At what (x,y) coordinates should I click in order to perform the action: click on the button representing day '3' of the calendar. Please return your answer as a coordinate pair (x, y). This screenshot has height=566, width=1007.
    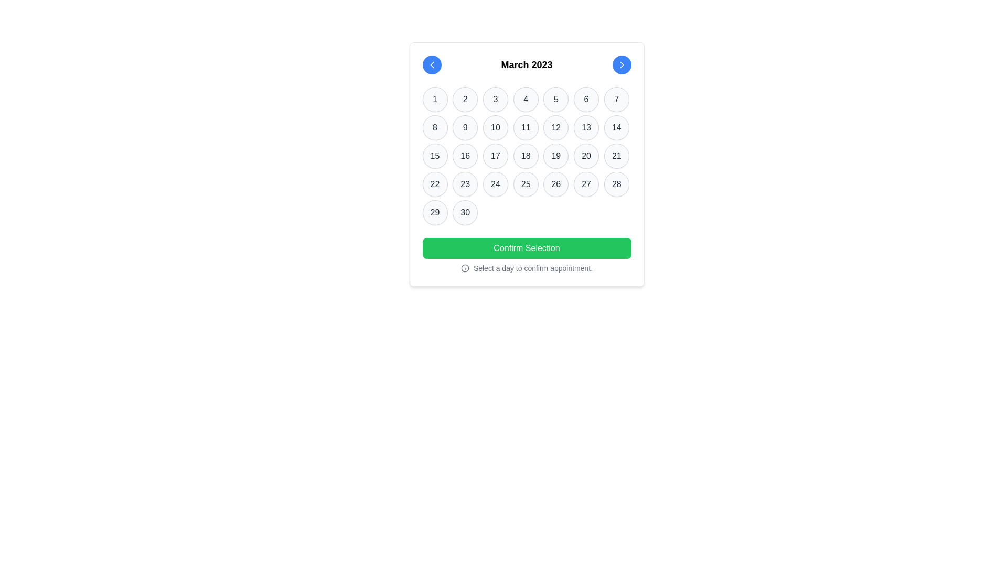
    Looking at the image, I should click on (495, 99).